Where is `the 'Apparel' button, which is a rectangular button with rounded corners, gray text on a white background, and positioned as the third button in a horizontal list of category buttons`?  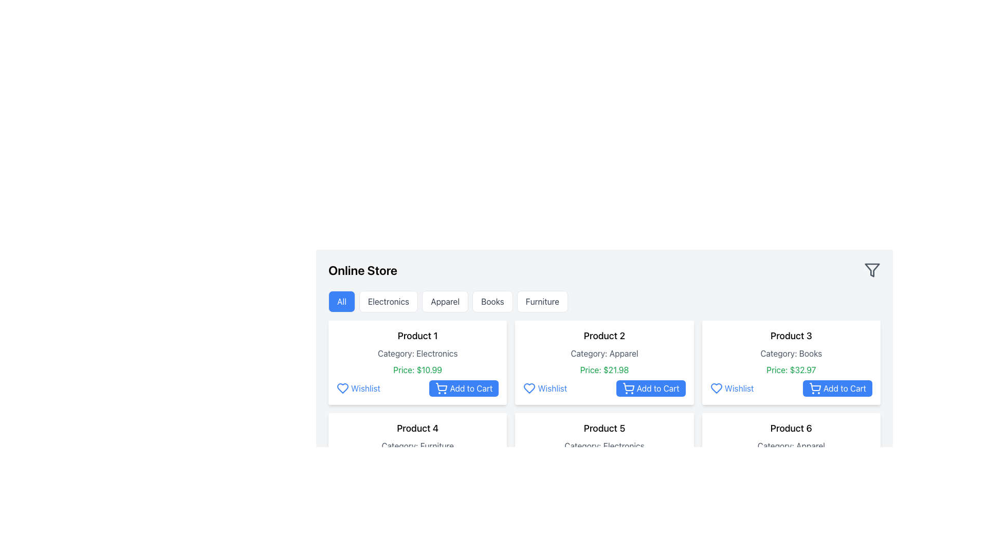 the 'Apparel' button, which is a rectangular button with rounded corners, gray text on a white background, and positioned as the third button in a horizontal list of category buttons is located at coordinates (445, 301).